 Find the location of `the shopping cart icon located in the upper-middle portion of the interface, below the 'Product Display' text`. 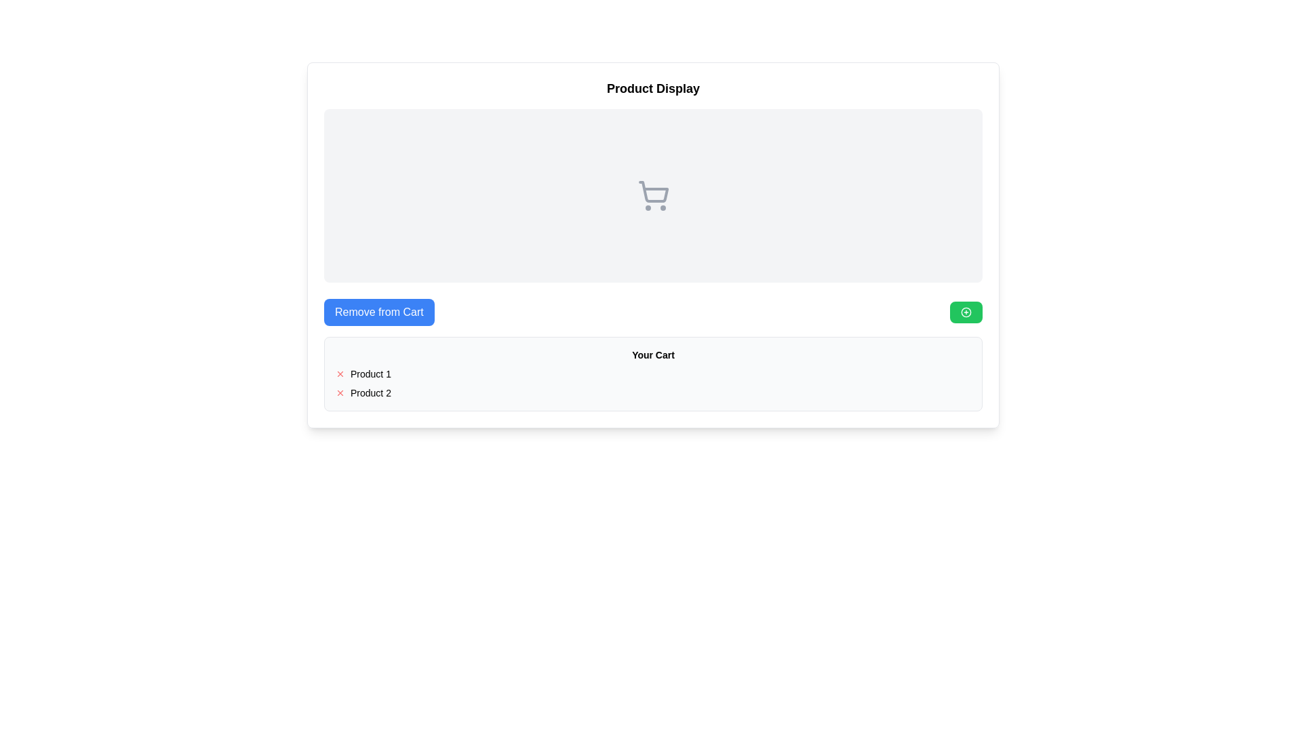

the shopping cart icon located in the upper-middle portion of the interface, below the 'Product Display' text is located at coordinates (653, 196).